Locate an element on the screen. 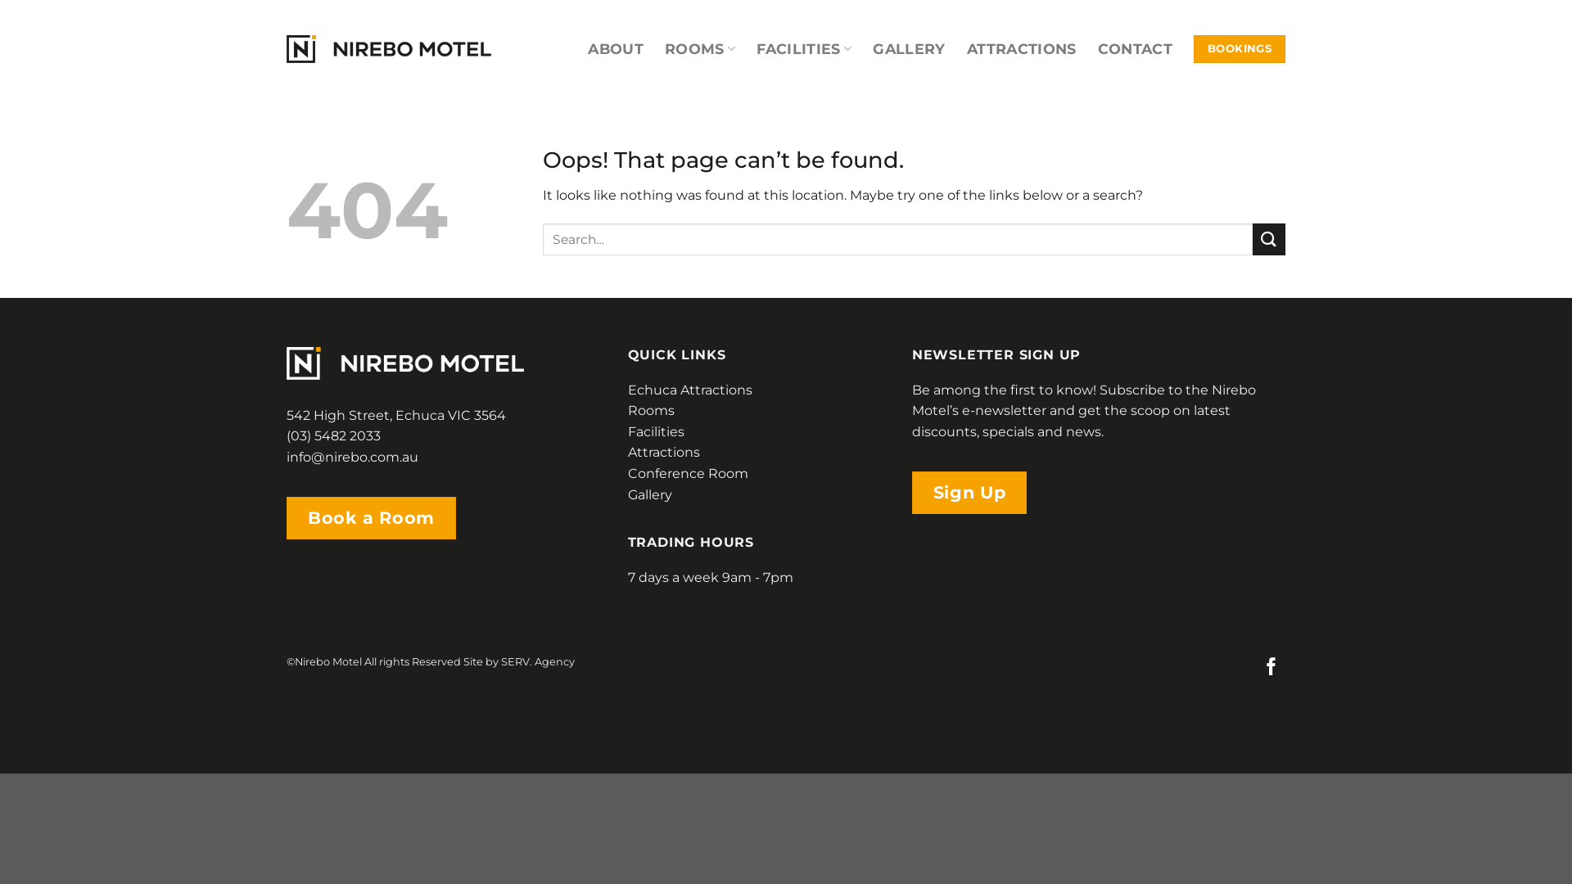  'Conference Room' is located at coordinates (688, 473).